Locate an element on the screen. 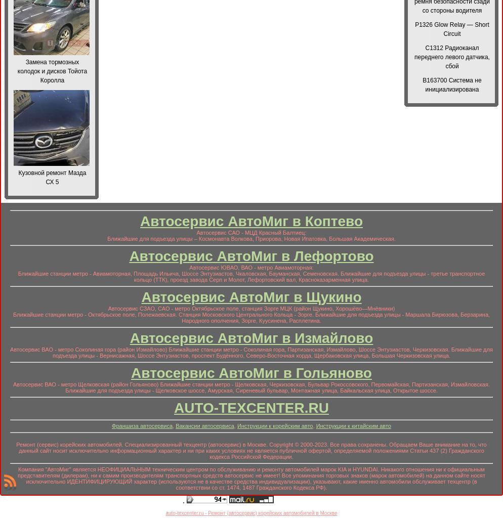 The image size is (503, 521). 'Ремонт (сервис) корейских автомобилей. Специализированный техцентр (автосервис) в Москве. Copyright © 2000-2023. Все права сохранены.  Обращаем Ваше внимание на то, что данный сайт носит исключительно информационный характер и ни при каких условиях не является публичной офертой, определяемой положениями Статьи 437 (2) Гражданского кодекса Российской Федерации.' is located at coordinates (250, 450).